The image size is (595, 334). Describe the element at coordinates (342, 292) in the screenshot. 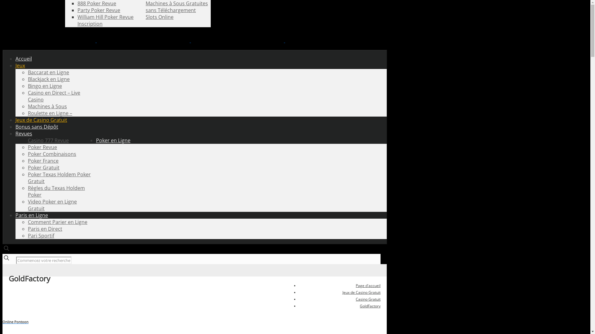

I see `'Jeux de Casino Gratuit'` at that location.